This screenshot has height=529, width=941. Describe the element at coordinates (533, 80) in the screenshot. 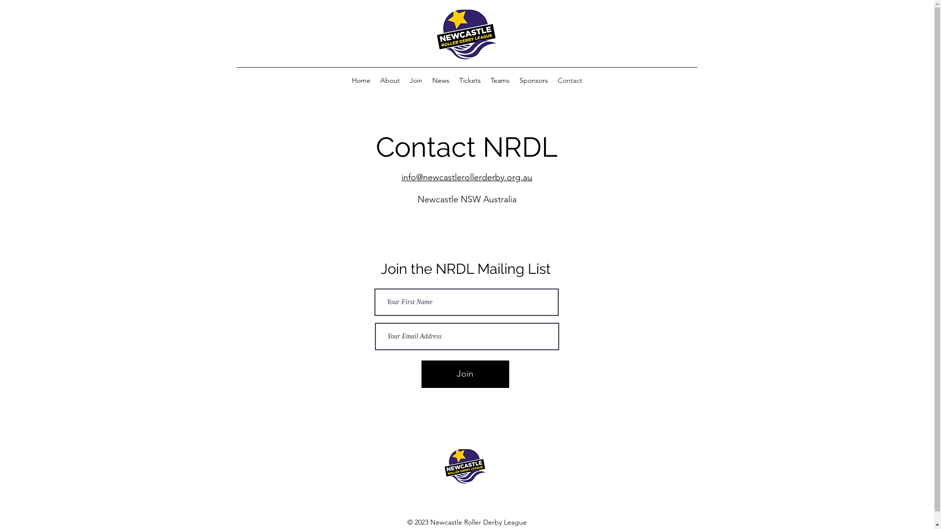

I see `'Sponsors'` at that location.